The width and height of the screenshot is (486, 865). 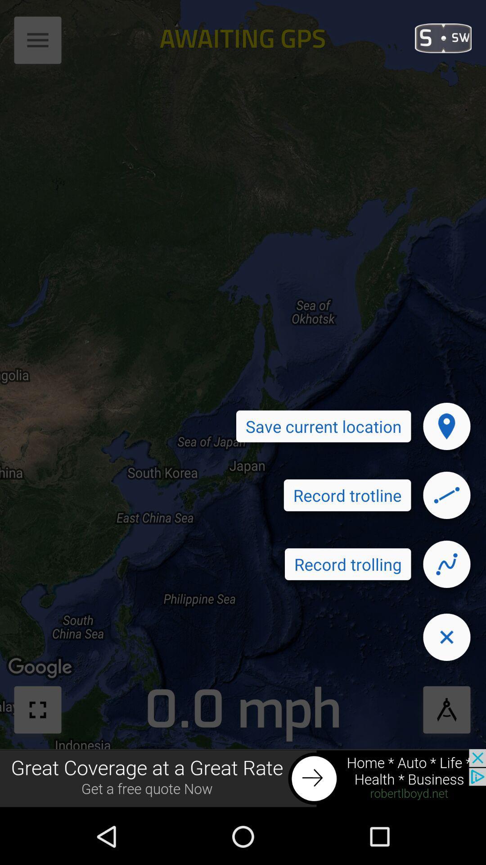 What do you see at coordinates (446, 426) in the screenshot?
I see `the icon next to save current location` at bounding box center [446, 426].